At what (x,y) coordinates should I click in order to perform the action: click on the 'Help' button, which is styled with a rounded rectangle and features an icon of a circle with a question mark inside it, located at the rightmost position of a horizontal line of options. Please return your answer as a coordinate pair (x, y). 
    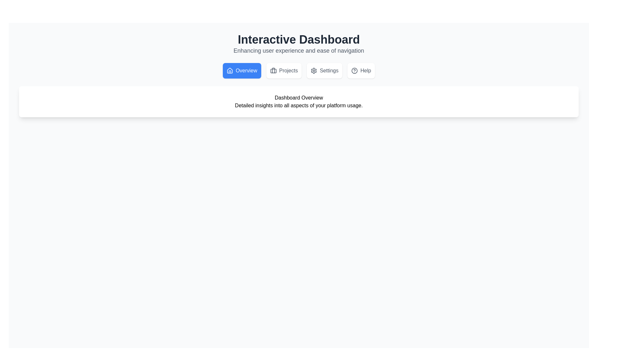
    Looking at the image, I should click on (361, 71).